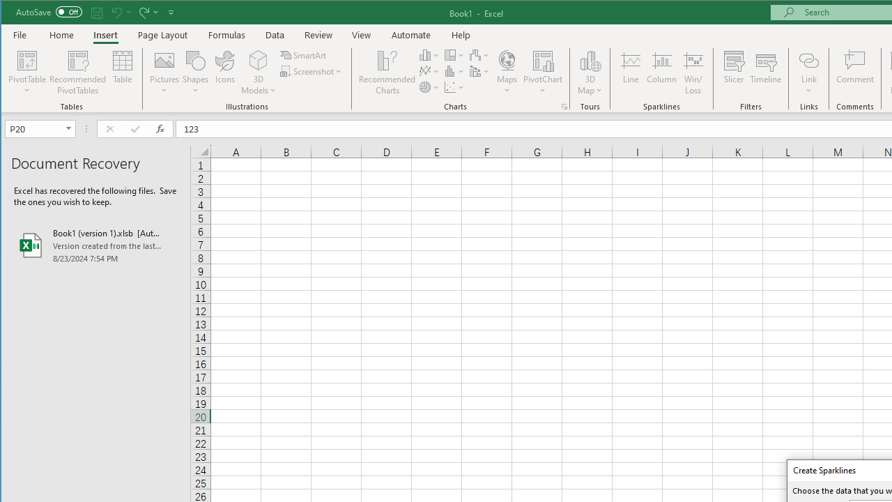 This screenshot has width=892, height=502. What do you see at coordinates (590, 59) in the screenshot?
I see `'3D Map'` at bounding box center [590, 59].